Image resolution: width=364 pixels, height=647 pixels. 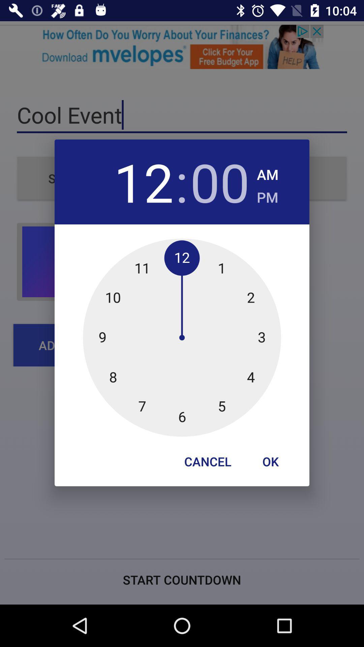 I want to click on the button at the bottom, so click(x=207, y=461).